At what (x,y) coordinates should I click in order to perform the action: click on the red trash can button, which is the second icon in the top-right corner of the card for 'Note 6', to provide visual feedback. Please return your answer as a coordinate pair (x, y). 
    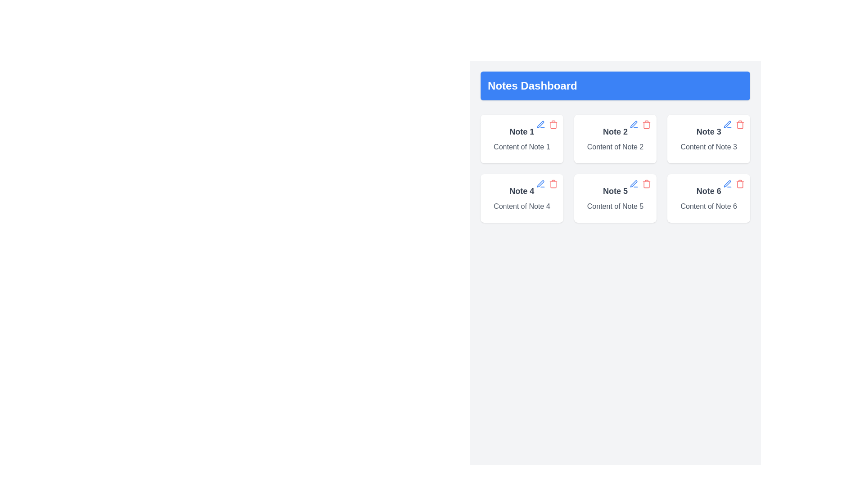
    Looking at the image, I should click on (740, 183).